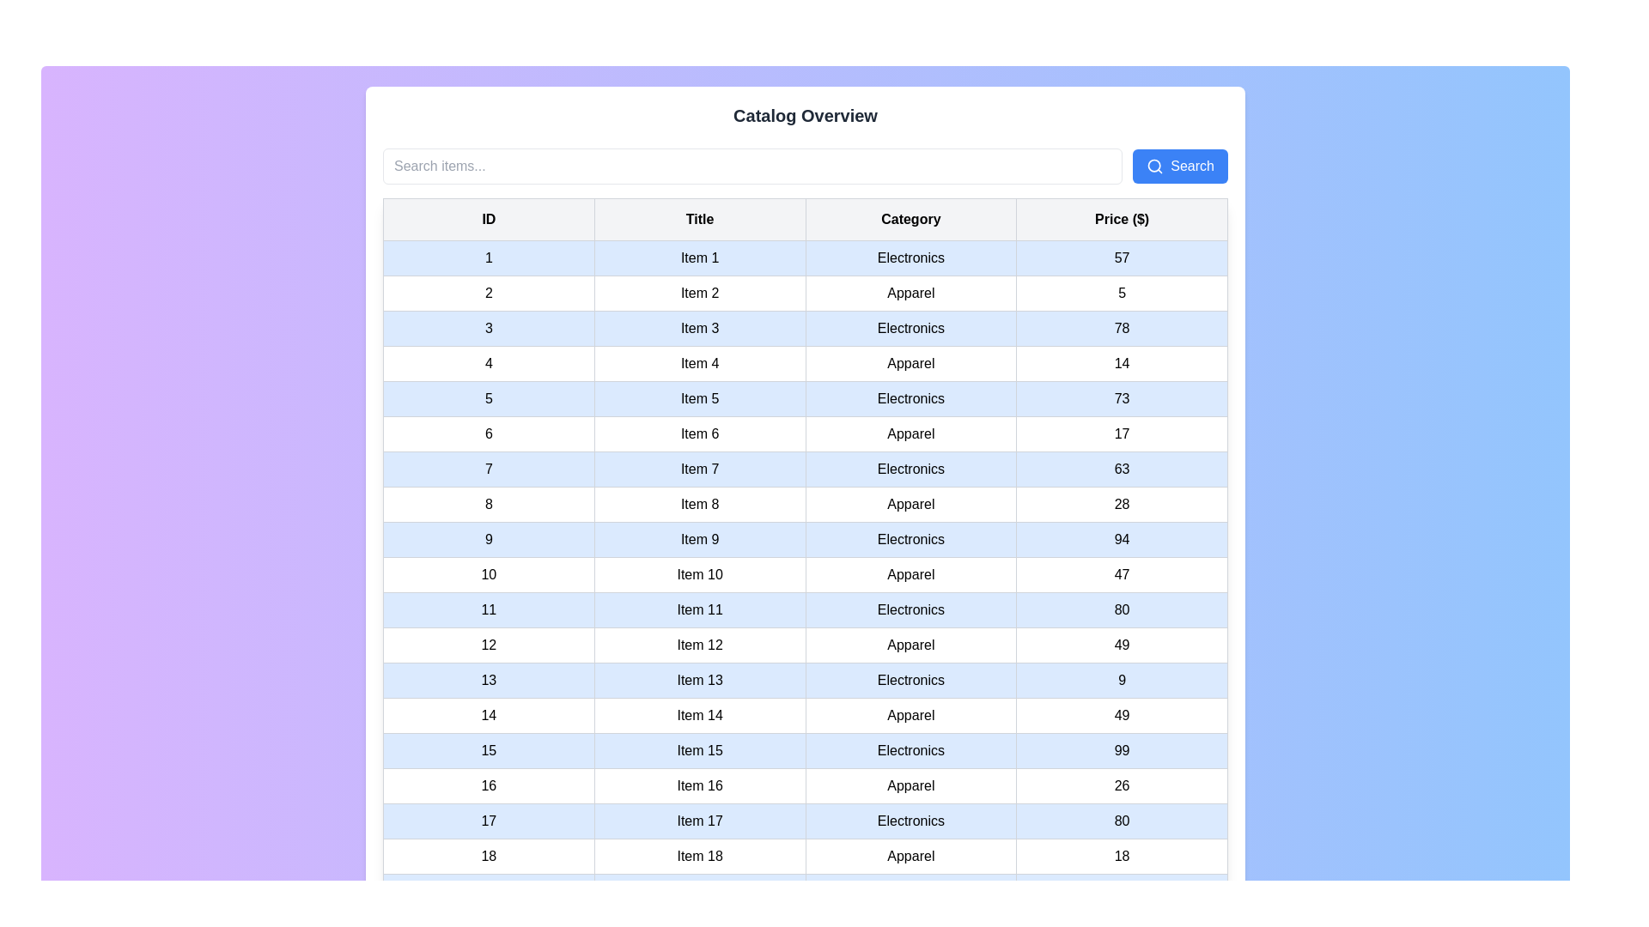 The height and width of the screenshot is (927, 1649). I want to click on the table cell displaying the category 'Apparel' in the third column of the second row, which is located between 'Item 2' and '5', so click(910, 293).